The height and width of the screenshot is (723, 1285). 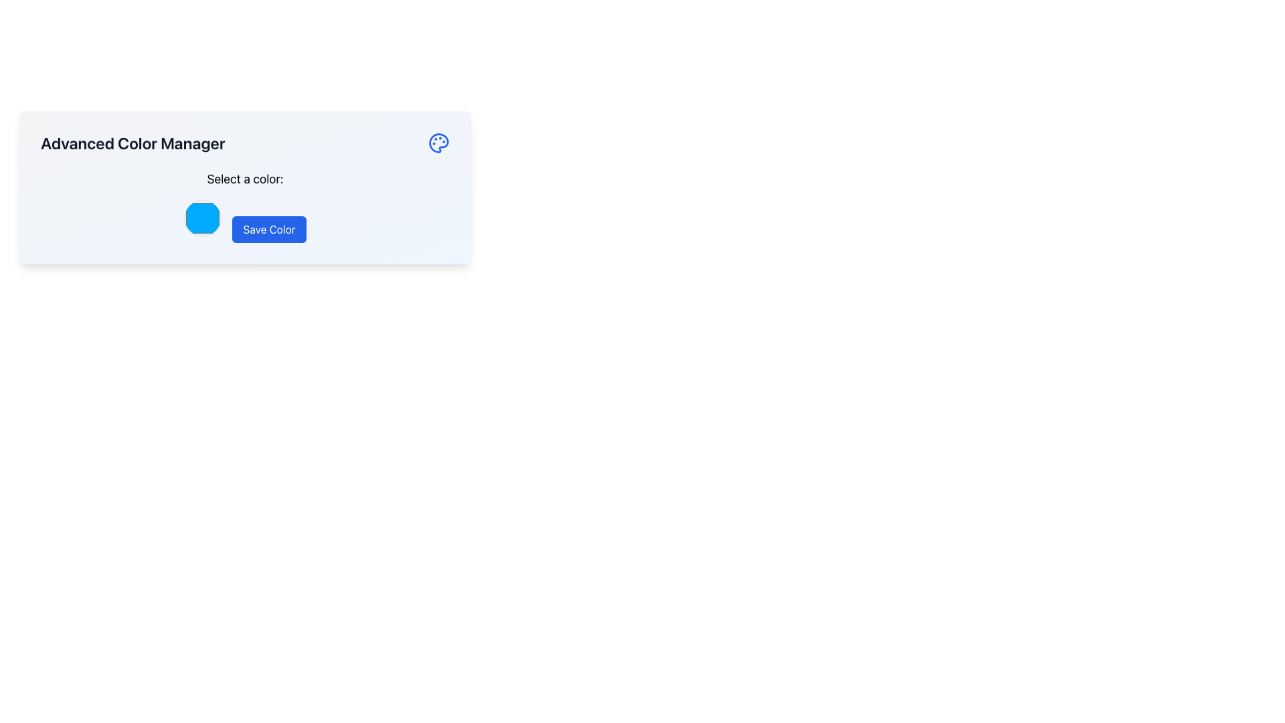 I want to click on the save button located to the right of the circular color selector under the text 'Select a color:', so click(x=268, y=229).